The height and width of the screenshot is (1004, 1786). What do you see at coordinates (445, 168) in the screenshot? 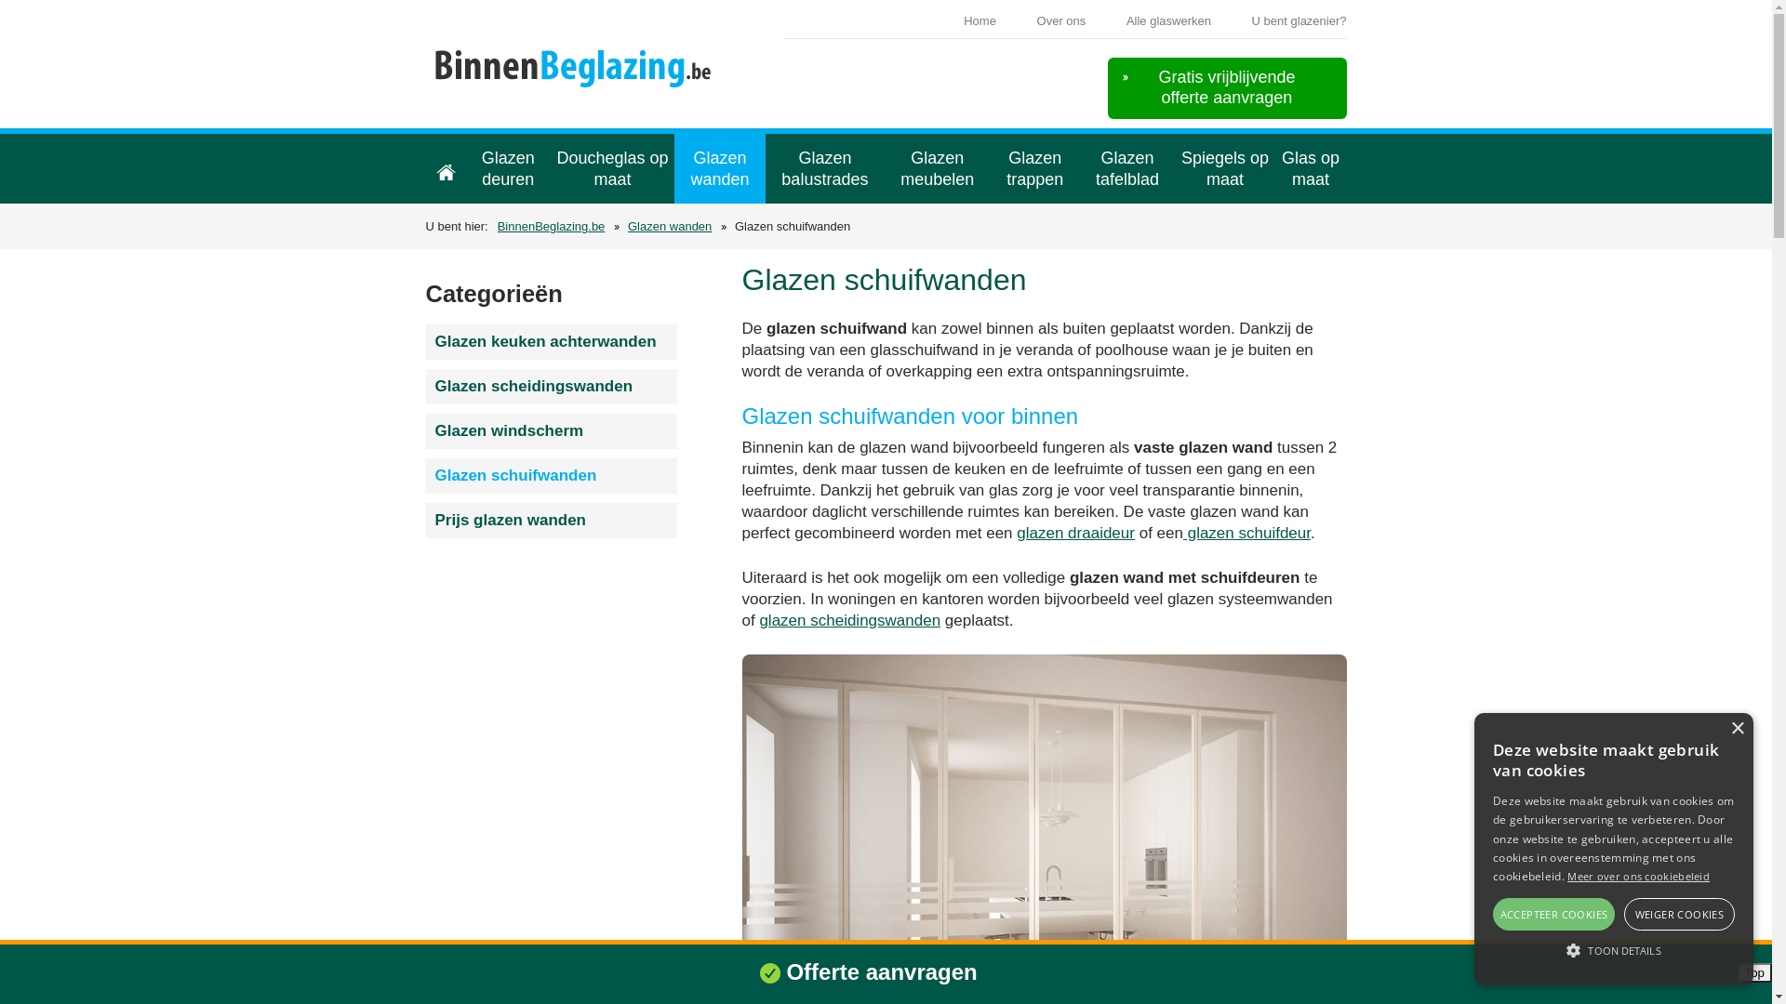
I see `'Home'` at bounding box center [445, 168].